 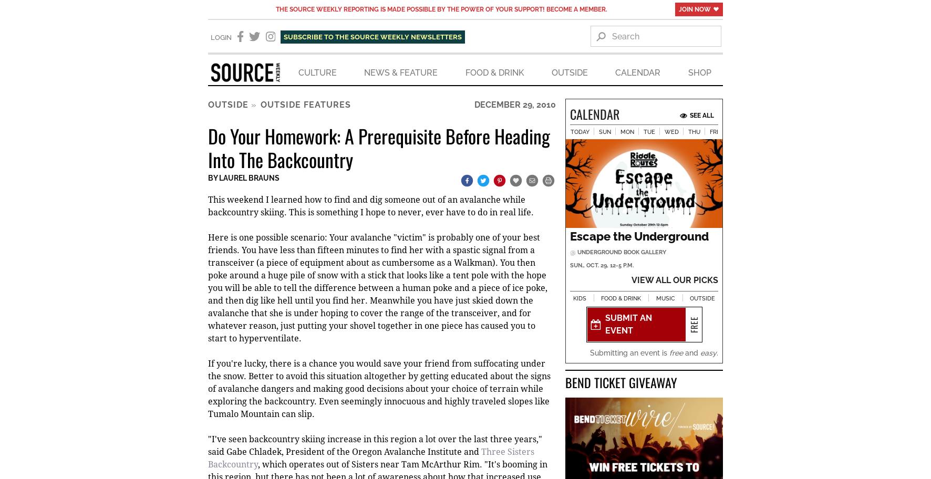 What do you see at coordinates (675, 280) in the screenshot?
I see `'View All Our Picks'` at bounding box center [675, 280].